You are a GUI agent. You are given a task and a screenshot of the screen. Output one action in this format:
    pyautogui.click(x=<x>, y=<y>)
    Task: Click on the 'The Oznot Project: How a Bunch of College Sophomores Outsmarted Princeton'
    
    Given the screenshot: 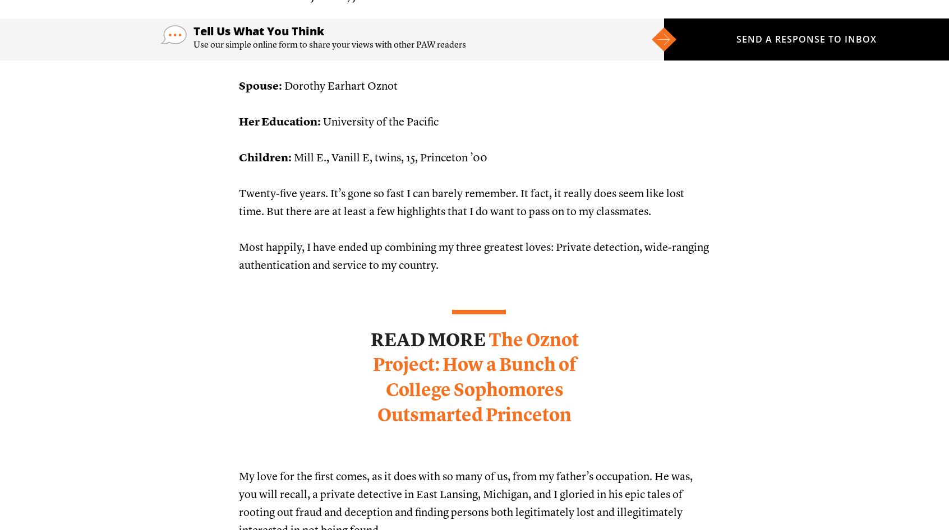 What is the action you would take?
    pyautogui.click(x=372, y=378)
    